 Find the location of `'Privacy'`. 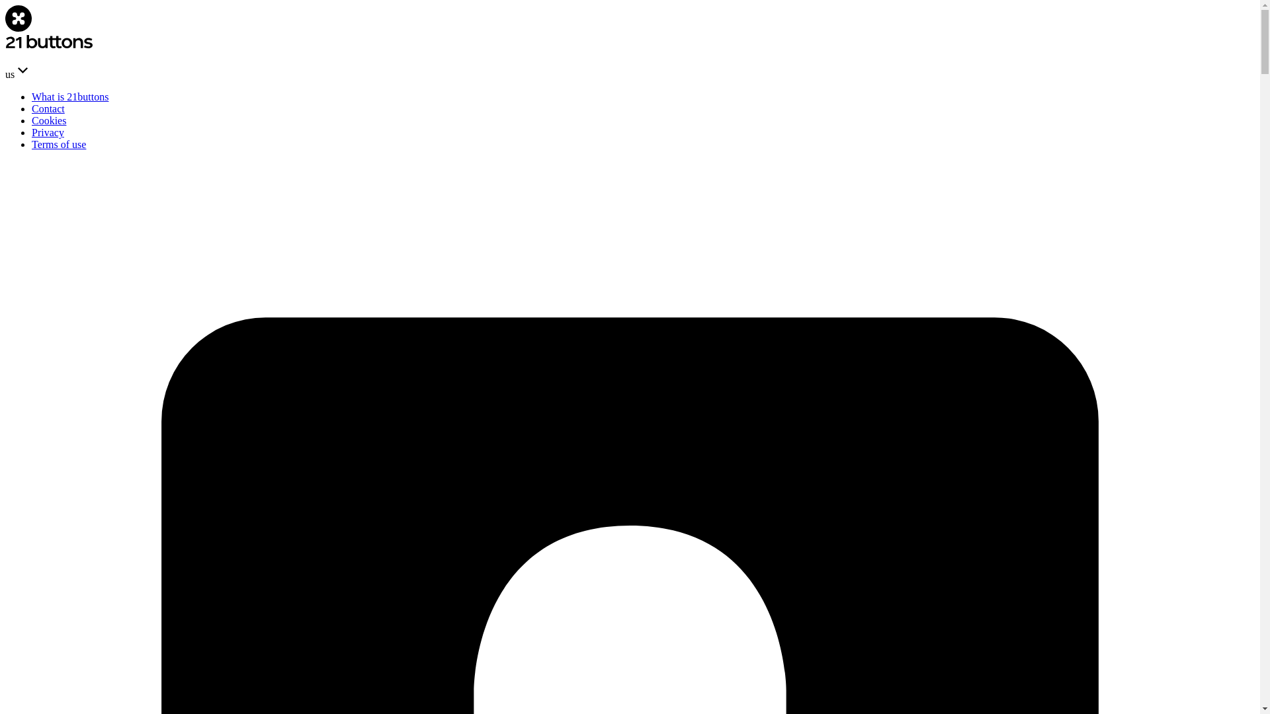

'Privacy' is located at coordinates (48, 132).